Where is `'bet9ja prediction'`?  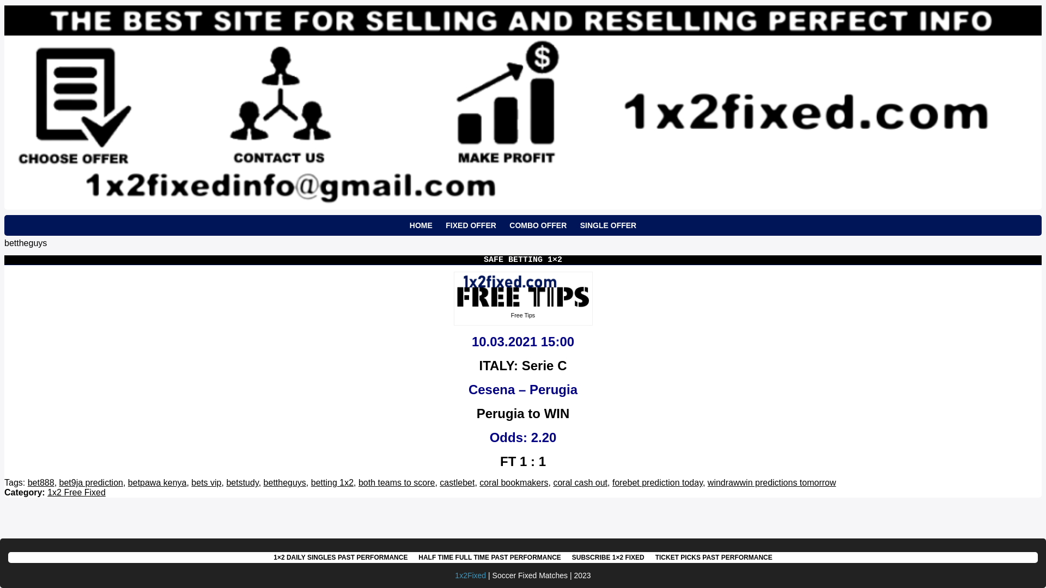 'bet9ja prediction' is located at coordinates (91, 482).